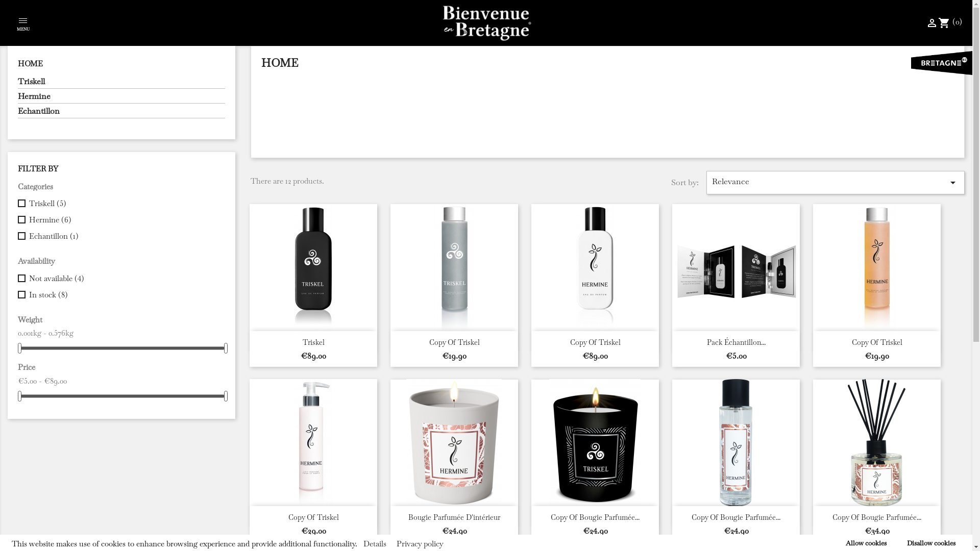 This screenshot has height=551, width=980. What do you see at coordinates (374, 543) in the screenshot?
I see `'Details'` at bounding box center [374, 543].